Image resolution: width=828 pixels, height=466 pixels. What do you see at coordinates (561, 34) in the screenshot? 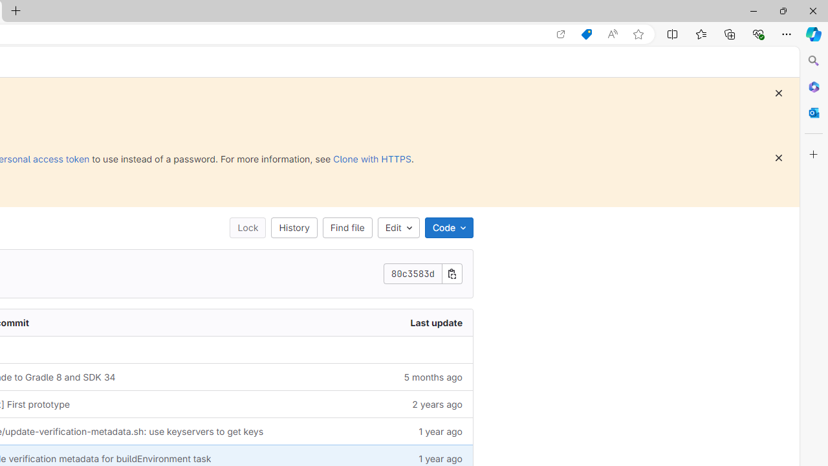
I see `'Open in app'` at bounding box center [561, 34].